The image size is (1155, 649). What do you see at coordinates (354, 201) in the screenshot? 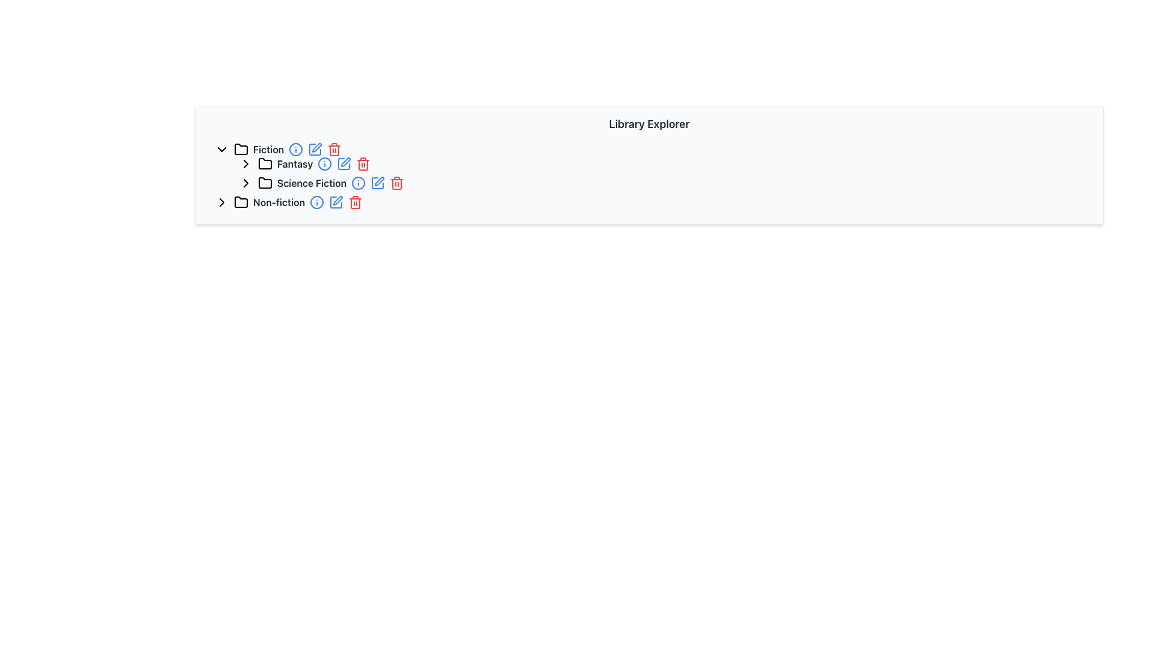
I see `the trashcan icon button, which is the third interactive element in the horizontal row associated with the 'Non-fiction' folder in the library explorer` at bounding box center [354, 201].